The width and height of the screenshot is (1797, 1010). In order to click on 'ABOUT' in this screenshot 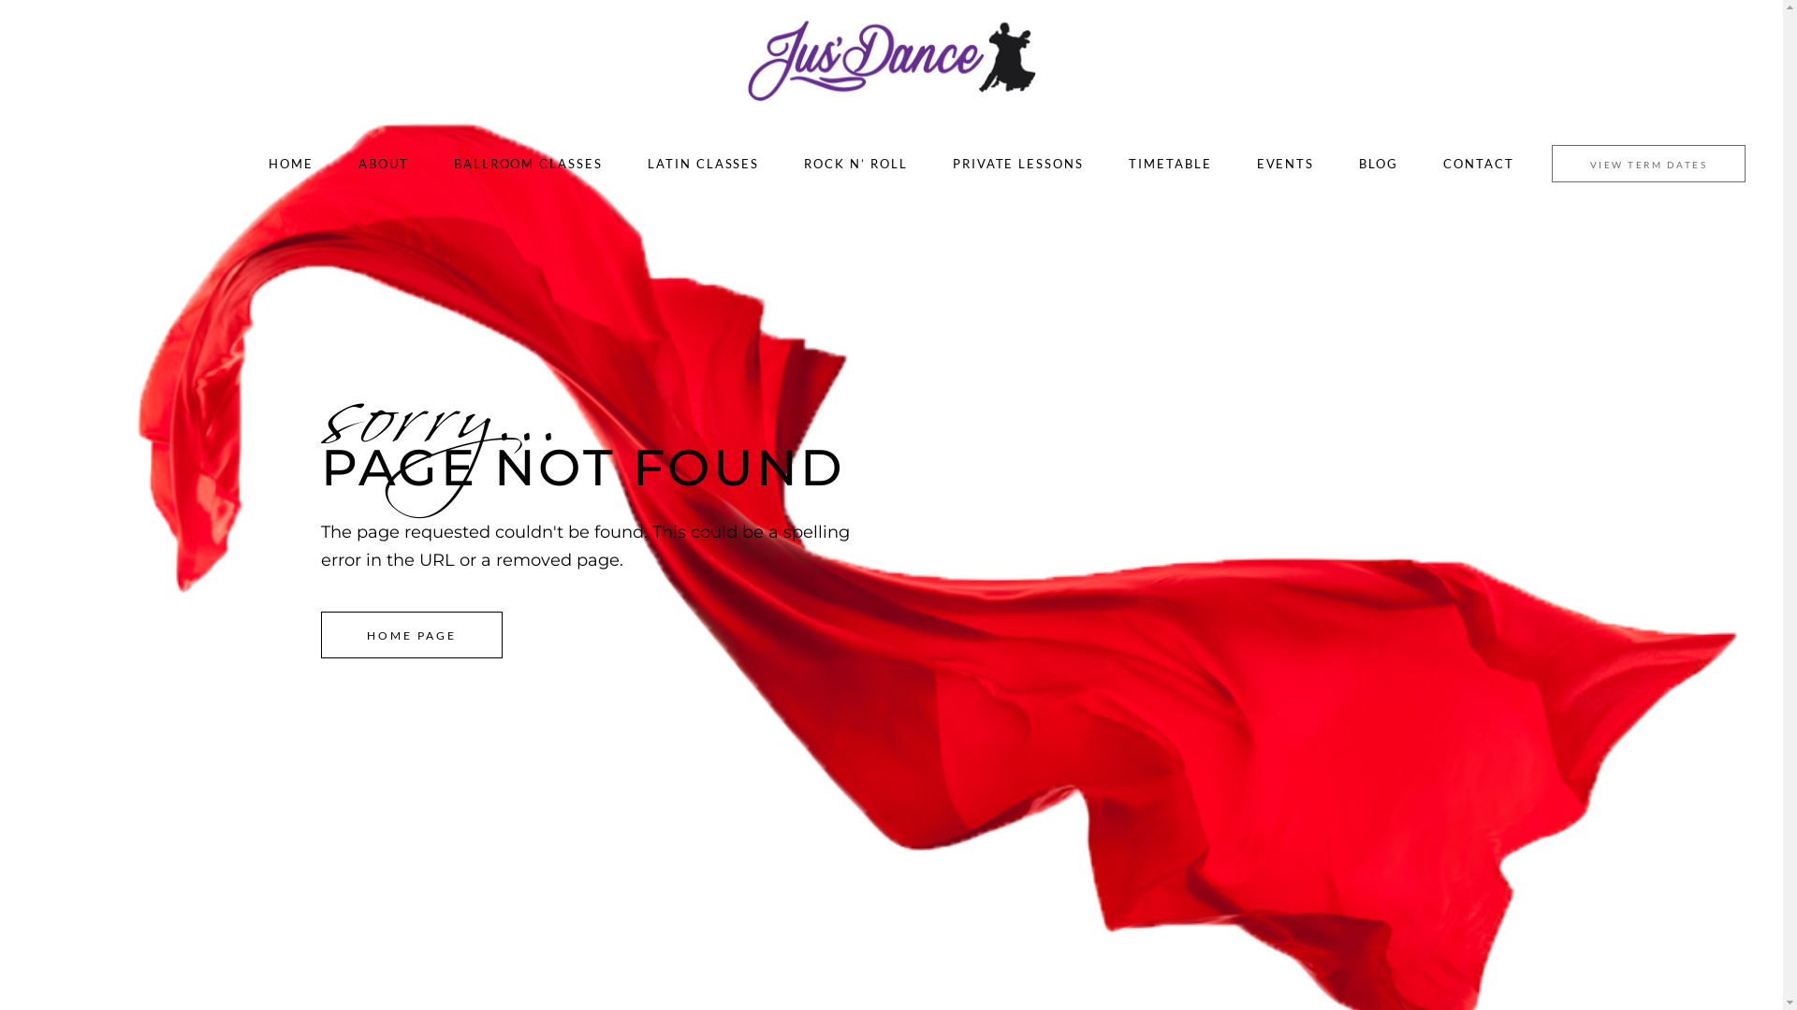, I will do `click(382, 162)`.